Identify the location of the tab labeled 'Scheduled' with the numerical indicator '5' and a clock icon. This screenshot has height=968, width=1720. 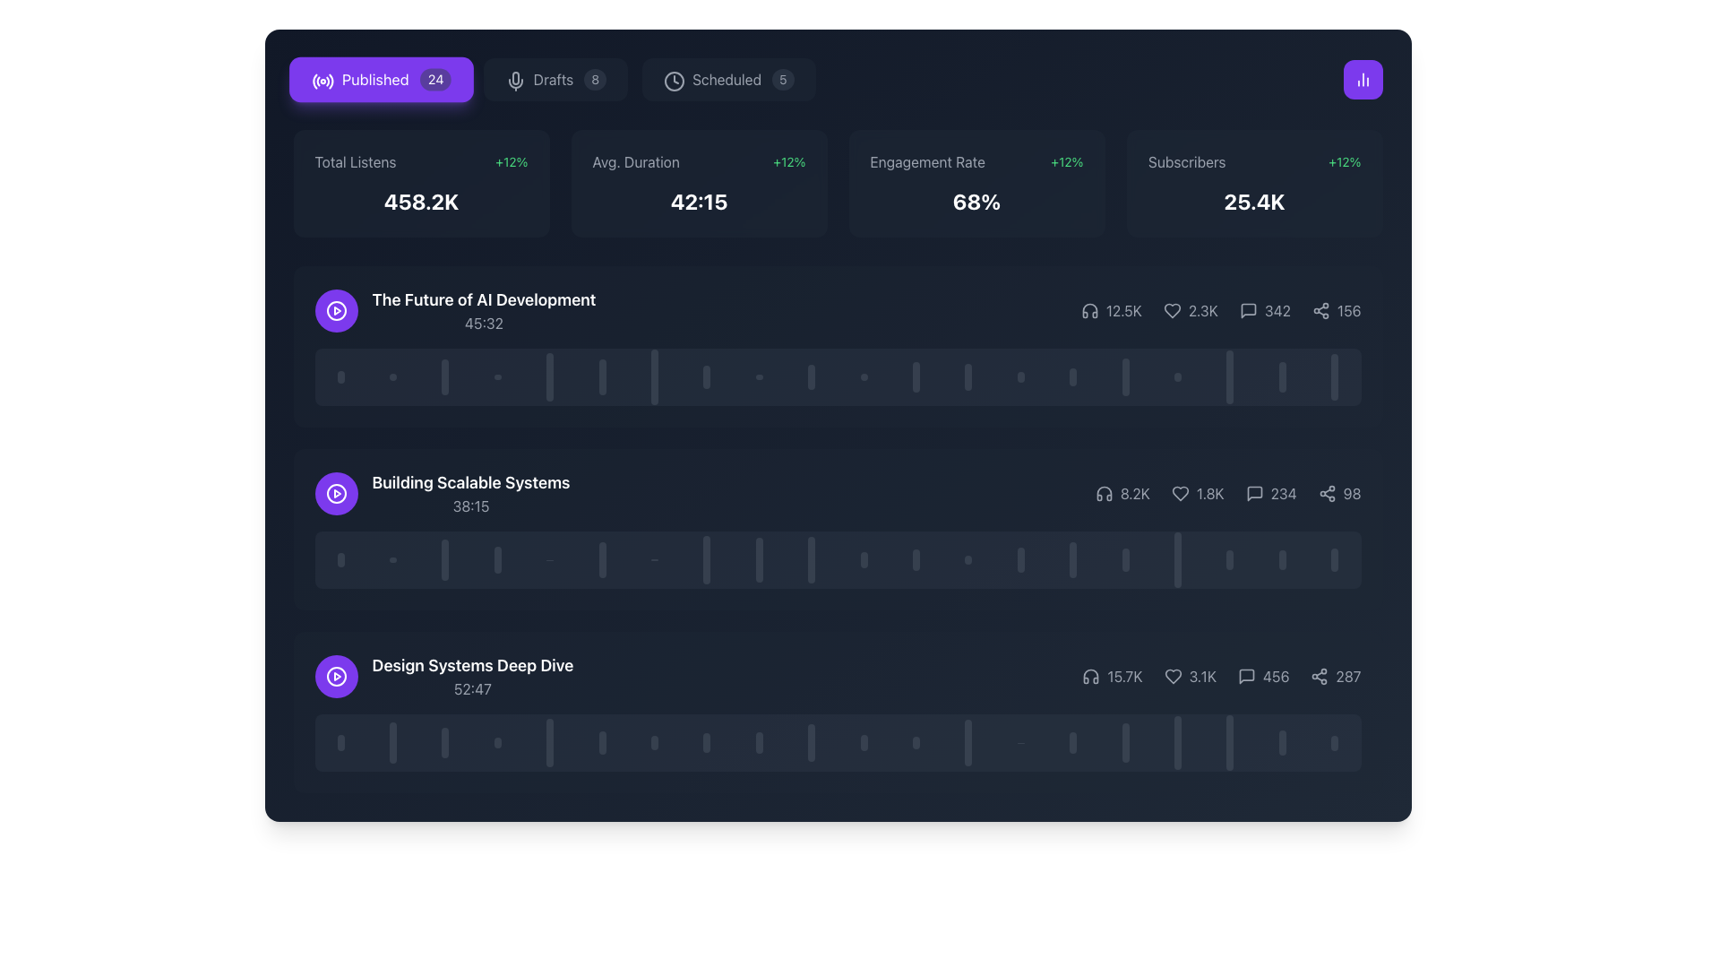
(728, 78).